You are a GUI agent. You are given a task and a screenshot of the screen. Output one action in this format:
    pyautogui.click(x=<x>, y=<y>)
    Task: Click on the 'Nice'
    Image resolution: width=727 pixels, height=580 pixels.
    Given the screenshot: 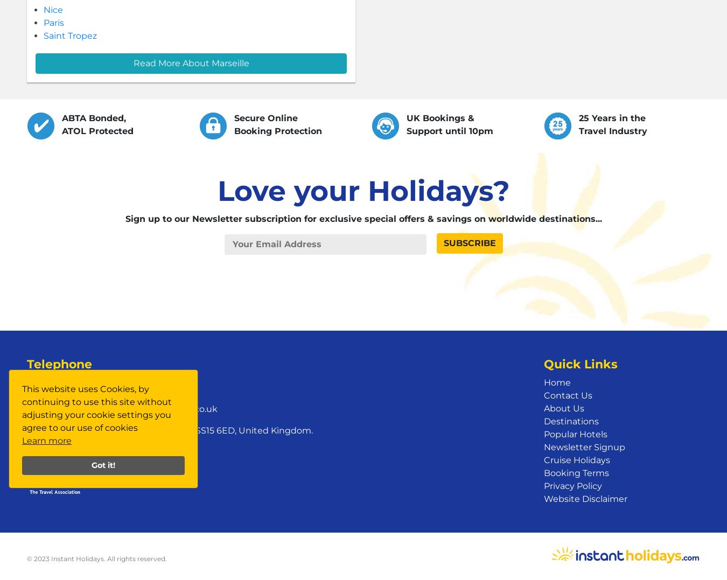 What is the action you would take?
    pyautogui.click(x=52, y=9)
    